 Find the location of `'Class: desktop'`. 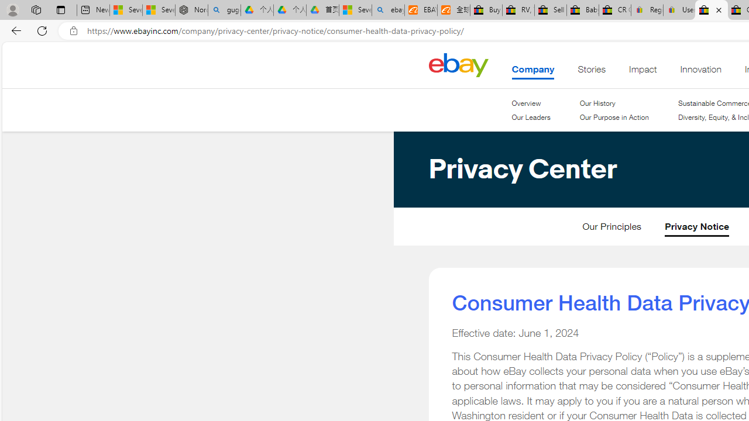

'Class: desktop' is located at coordinates (458, 65).